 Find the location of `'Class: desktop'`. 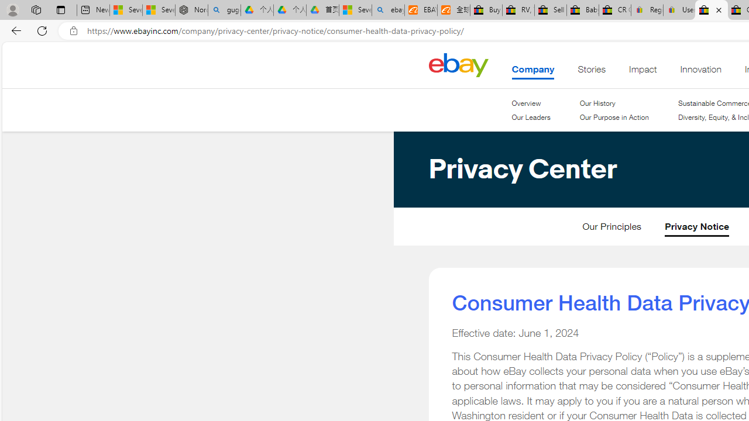

'Class: desktop' is located at coordinates (458, 65).